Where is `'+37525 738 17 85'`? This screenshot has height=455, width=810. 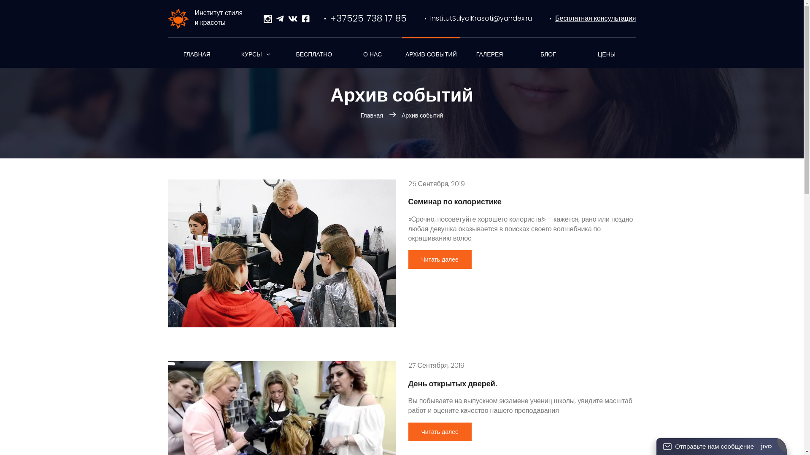 '+37525 738 17 85' is located at coordinates (365, 19).